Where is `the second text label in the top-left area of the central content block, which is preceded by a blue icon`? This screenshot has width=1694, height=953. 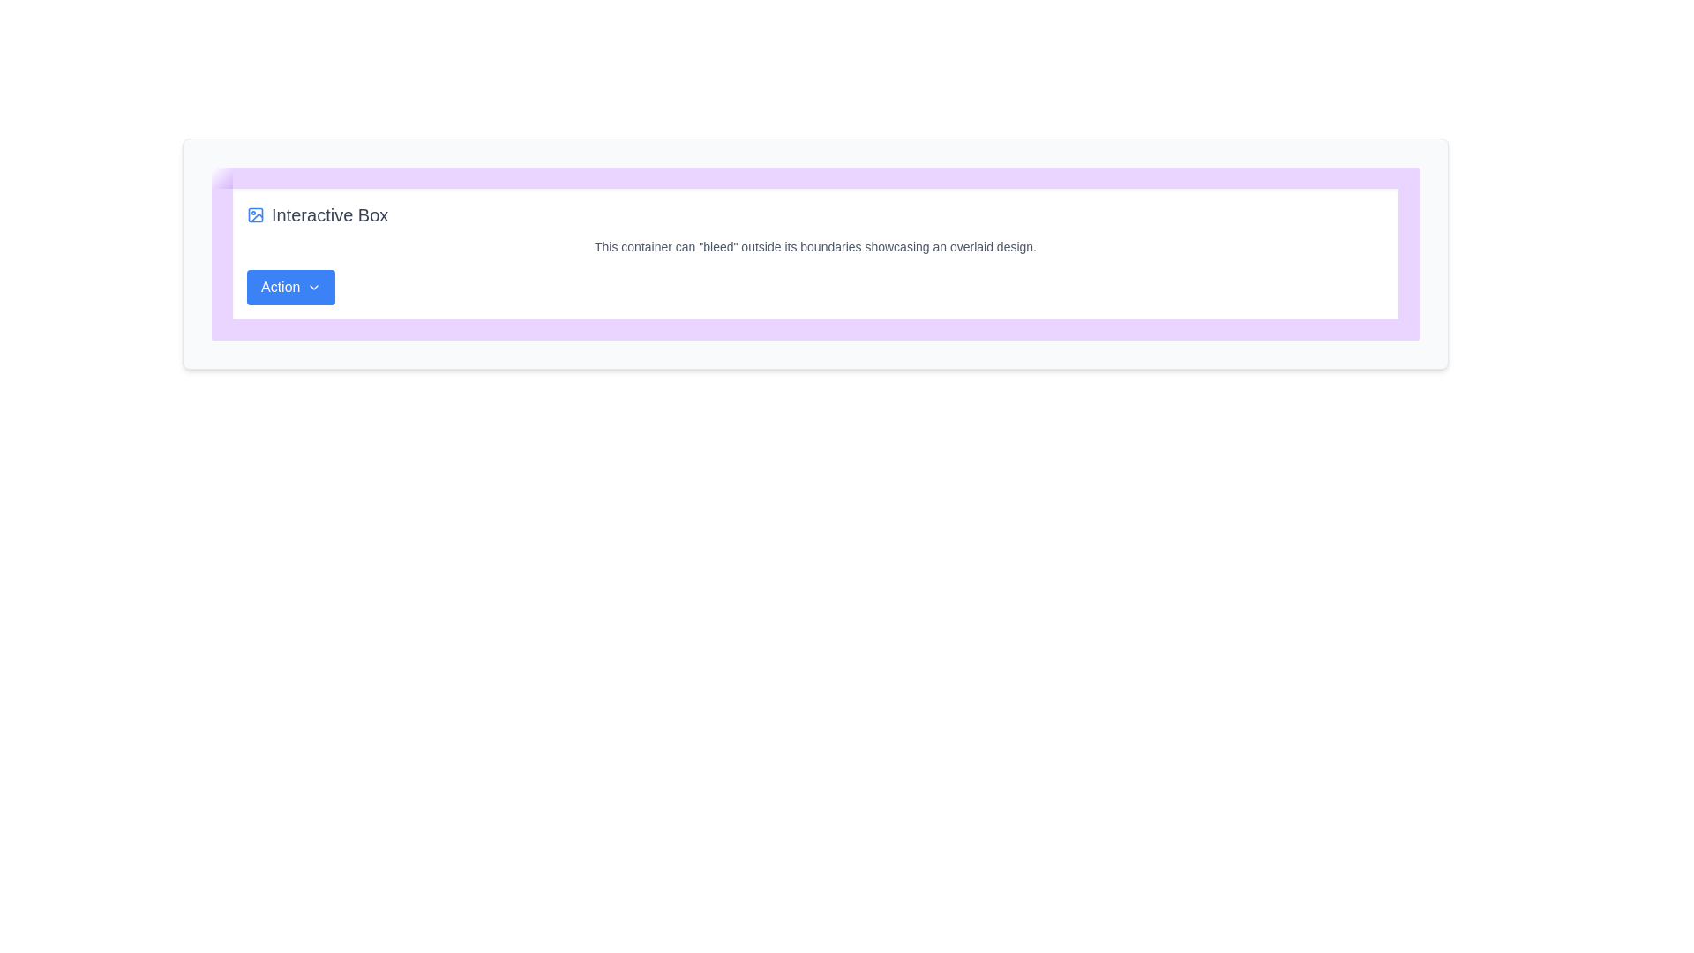 the second text label in the top-left area of the central content block, which is preceded by a blue icon is located at coordinates (330, 214).